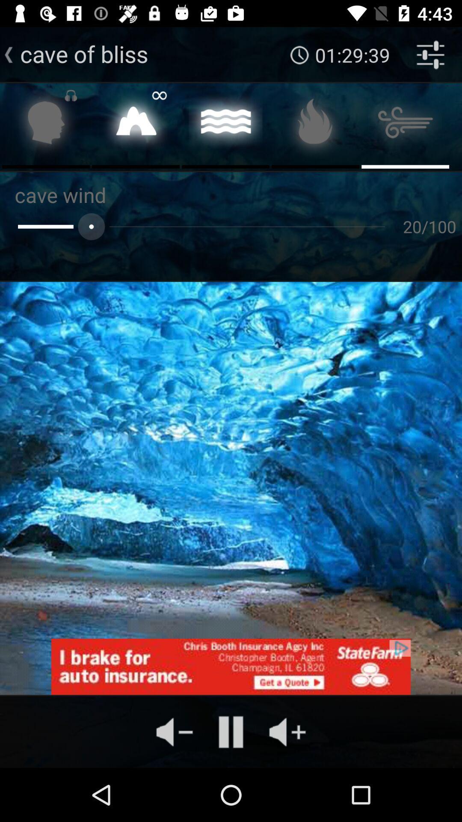 This screenshot has height=822, width=462. I want to click on rite, so click(135, 125).